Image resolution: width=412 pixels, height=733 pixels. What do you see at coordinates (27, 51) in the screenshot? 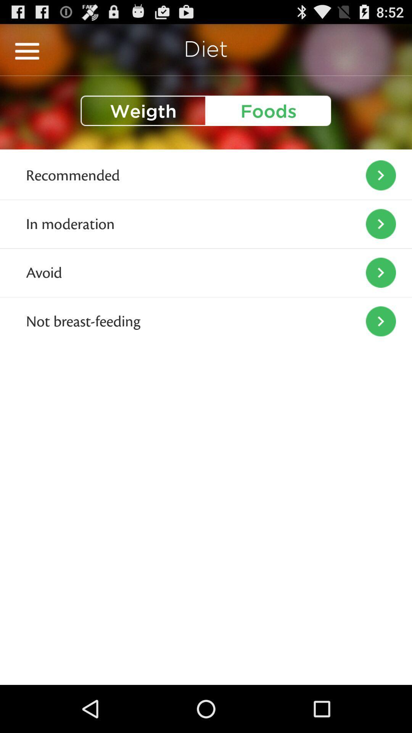
I see `the menu button at top left corner of the page` at bounding box center [27, 51].